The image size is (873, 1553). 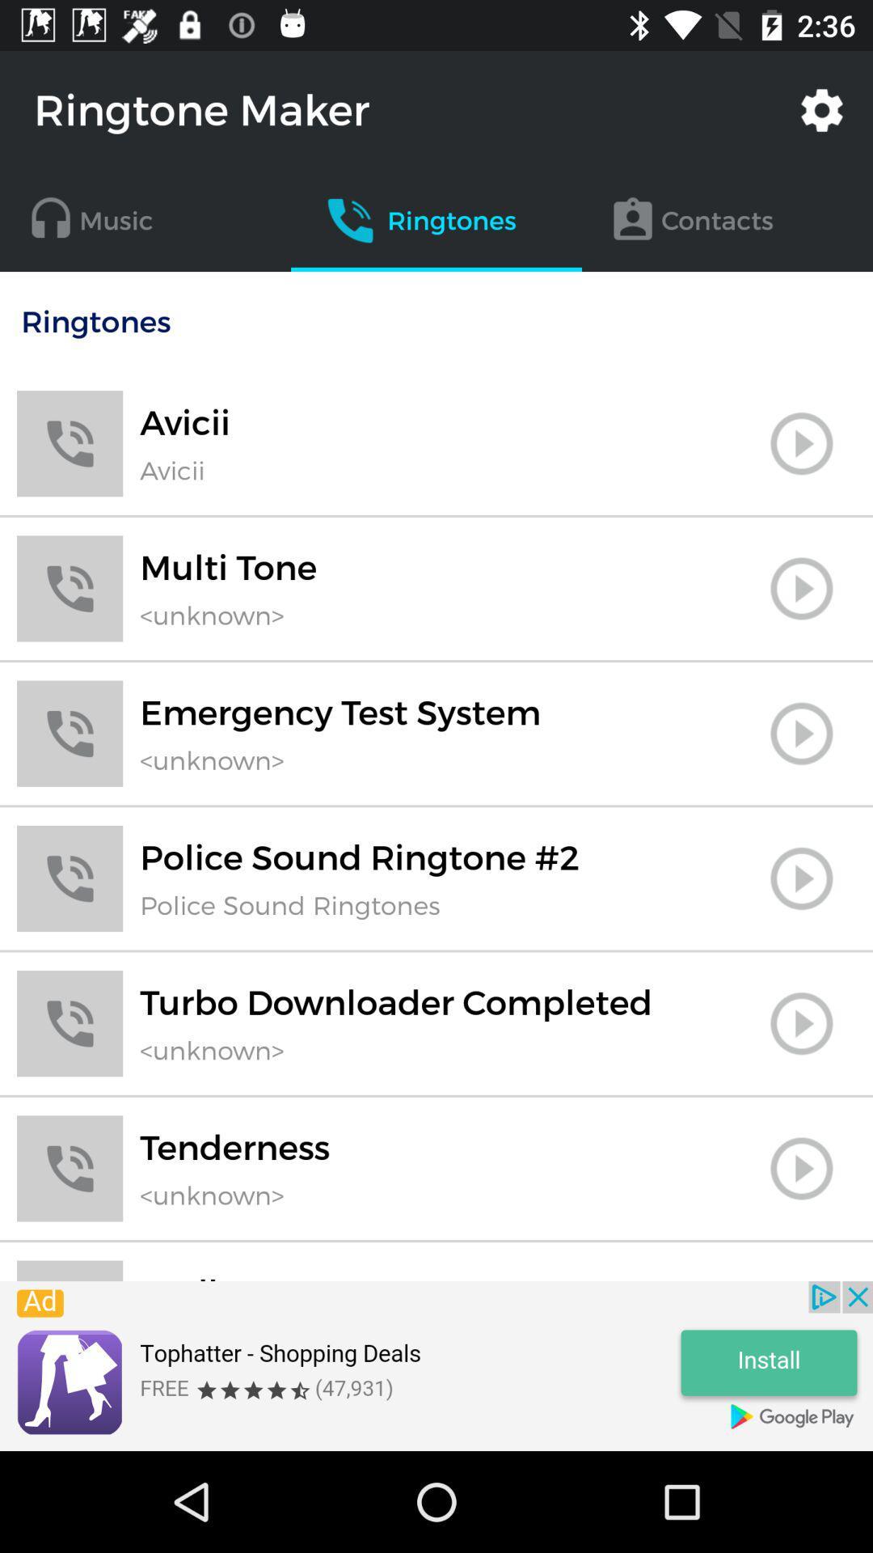 I want to click on page, so click(x=801, y=878).